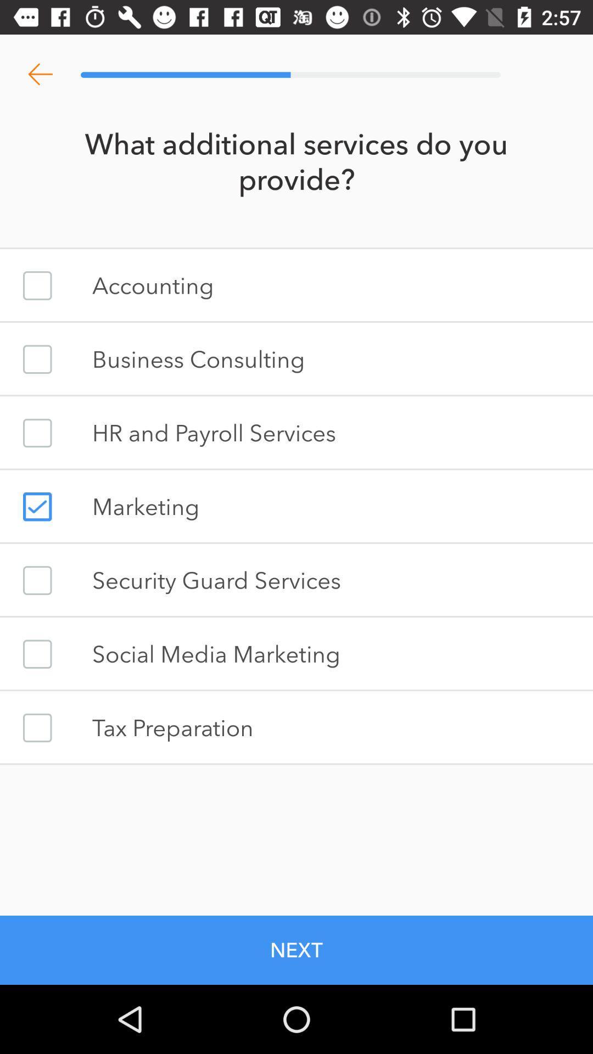  Describe the element at coordinates (40, 74) in the screenshot. I see `previous screen` at that location.